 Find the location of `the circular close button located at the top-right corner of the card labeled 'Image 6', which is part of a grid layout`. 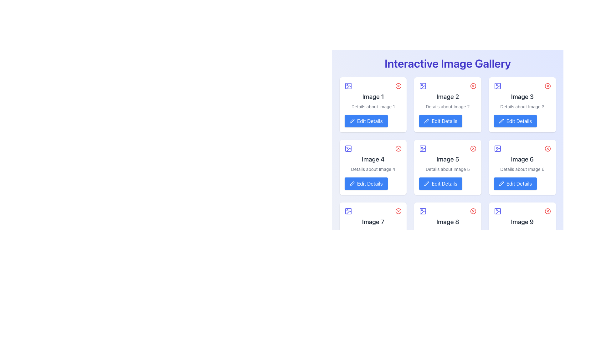

the circular close button located at the top-right corner of the card labeled 'Image 6', which is part of a grid layout is located at coordinates (547, 148).